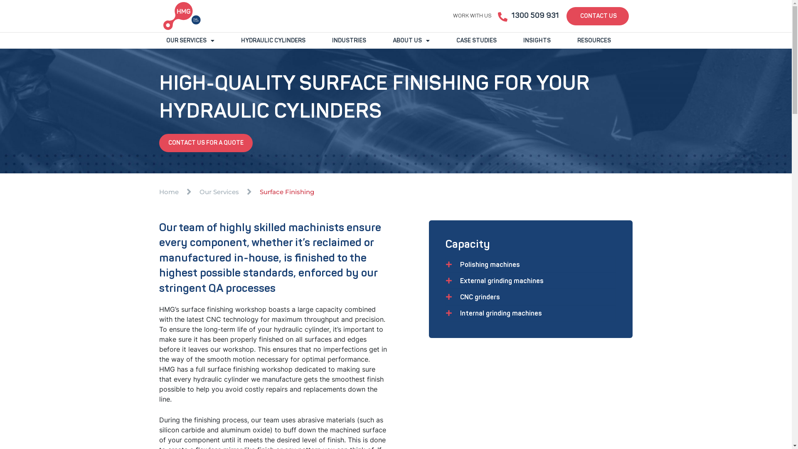  What do you see at coordinates (476, 40) in the screenshot?
I see `'CASE STUDIES'` at bounding box center [476, 40].